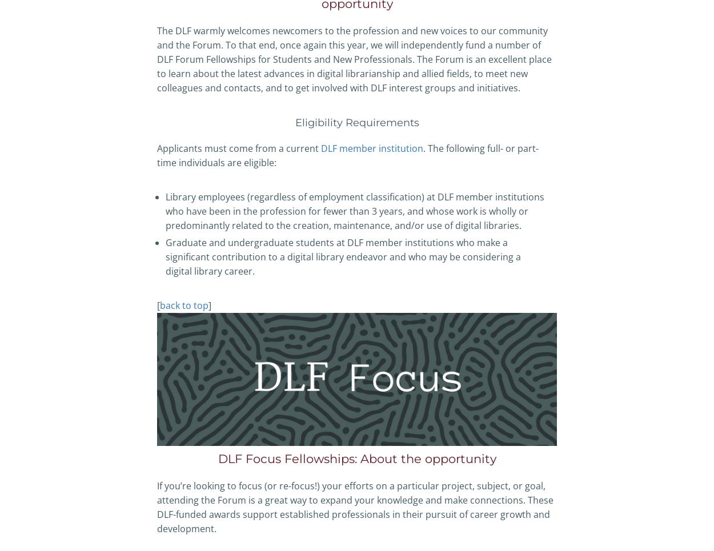  What do you see at coordinates (183, 304) in the screenshot?
I see `'back to top'` at bounding box center [183, 304].